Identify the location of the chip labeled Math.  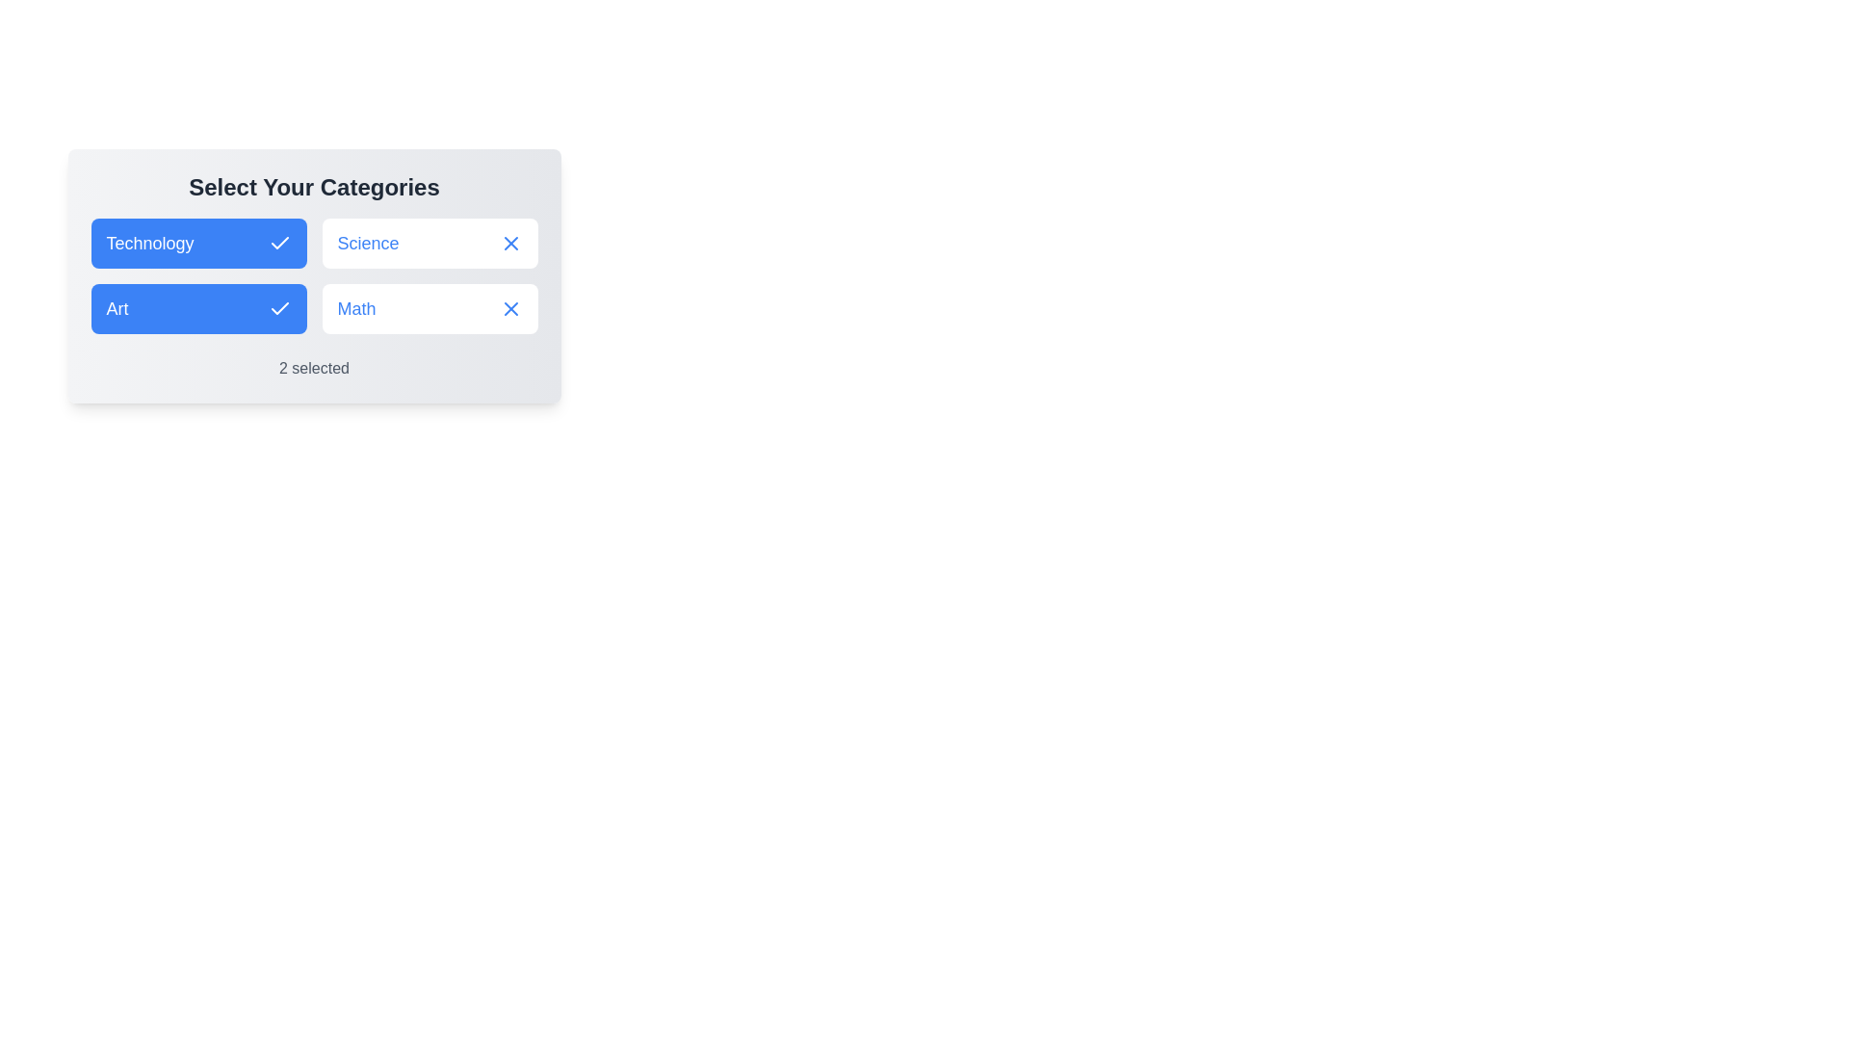
(429, 307).